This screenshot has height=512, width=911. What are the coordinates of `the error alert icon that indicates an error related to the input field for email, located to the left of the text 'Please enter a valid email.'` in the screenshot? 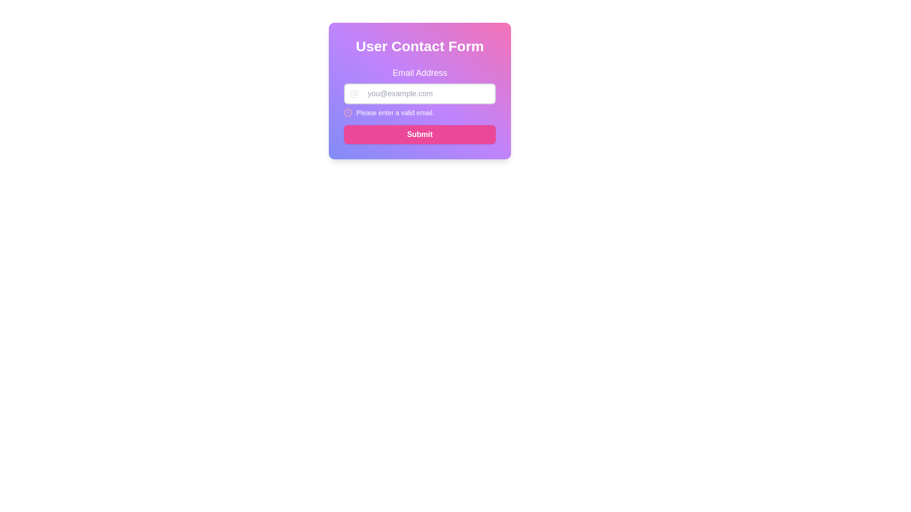 It's located at (348, 112).